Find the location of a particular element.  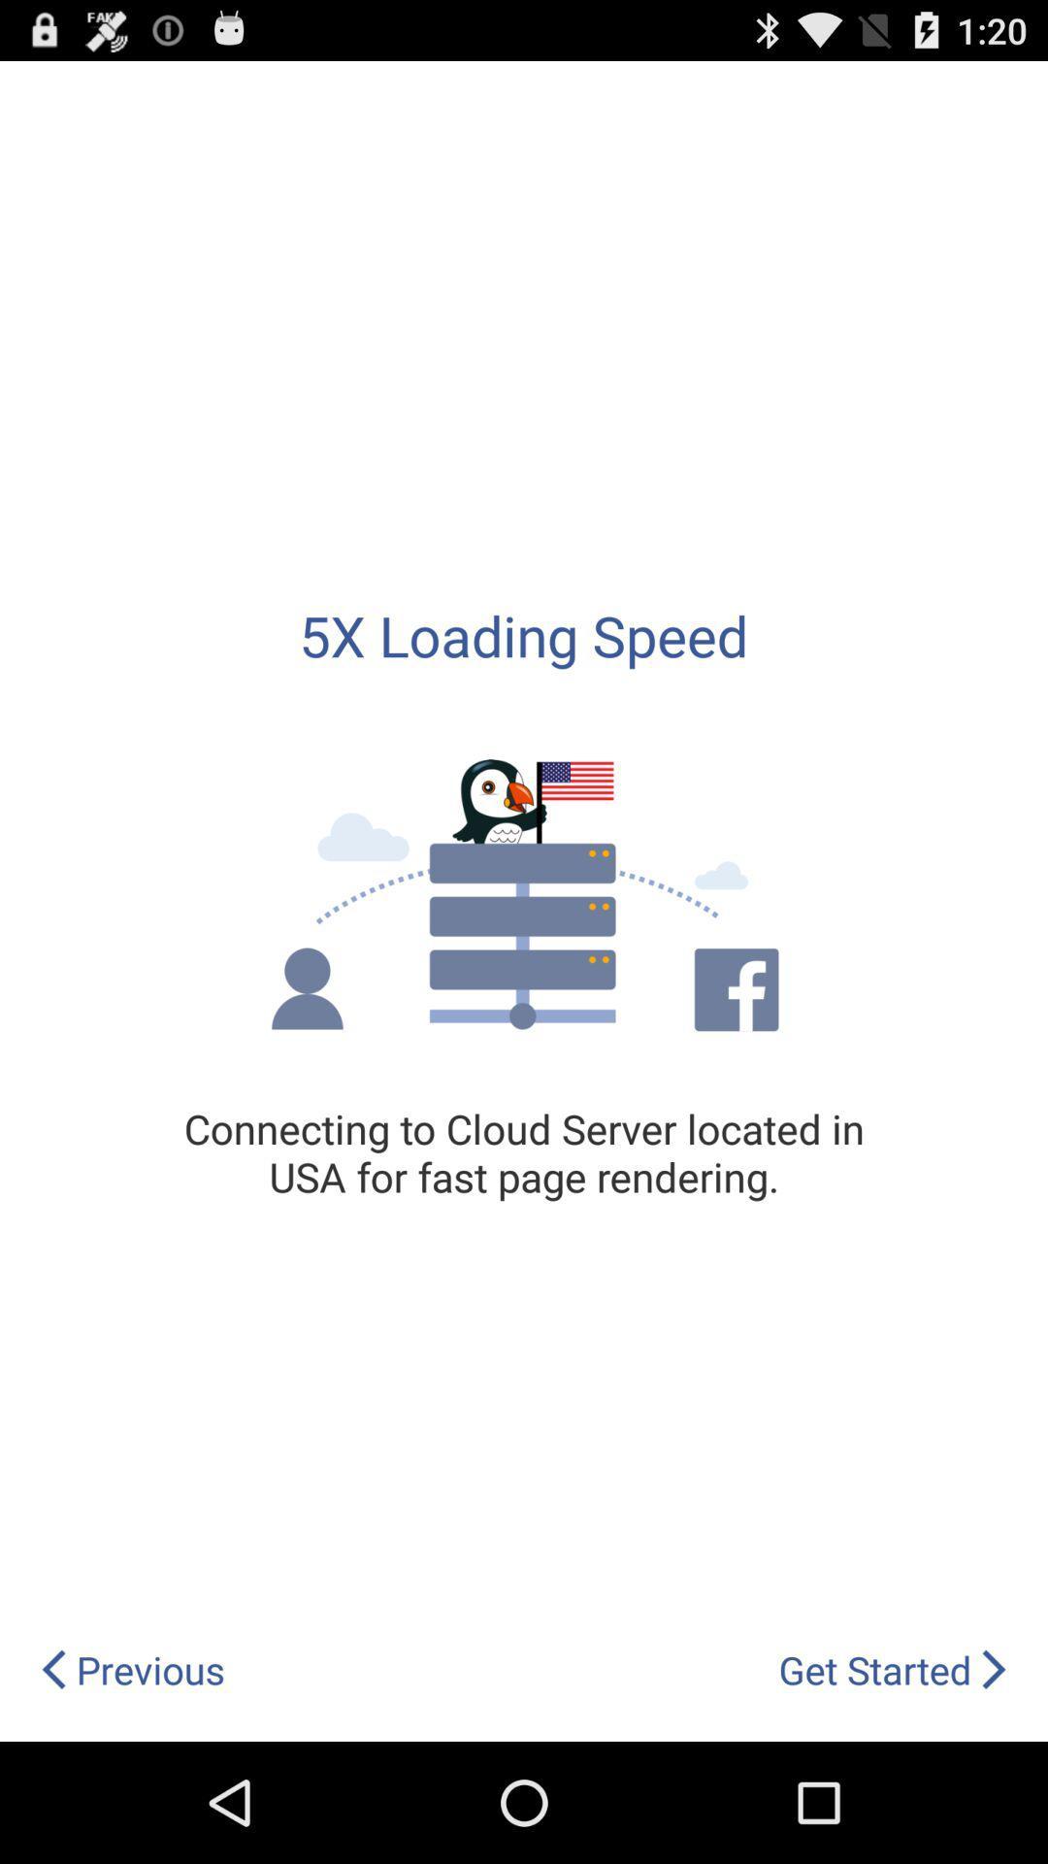

the app at the bottom right corner is located at coordinates (893, 1669).